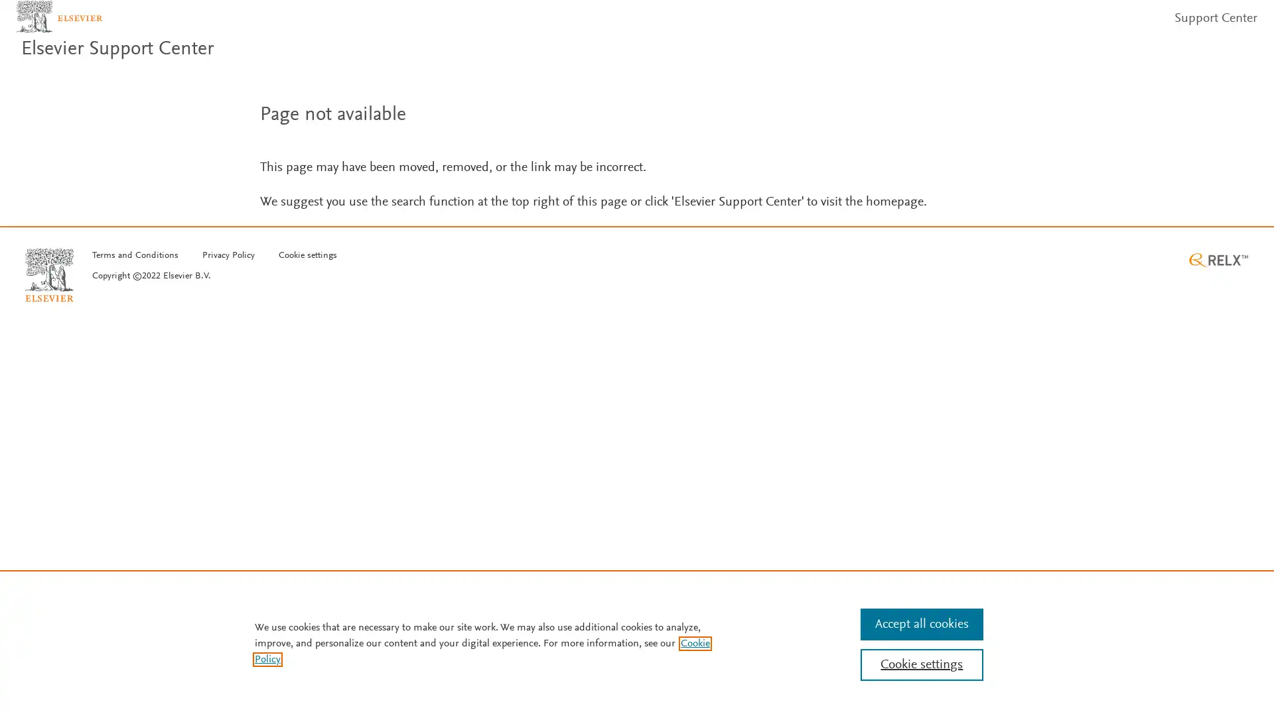 This screenshot has height=716, width=1274. Describe the element at coordinates (1211, 28) in the screenshot. I see `Support Center` at that location.